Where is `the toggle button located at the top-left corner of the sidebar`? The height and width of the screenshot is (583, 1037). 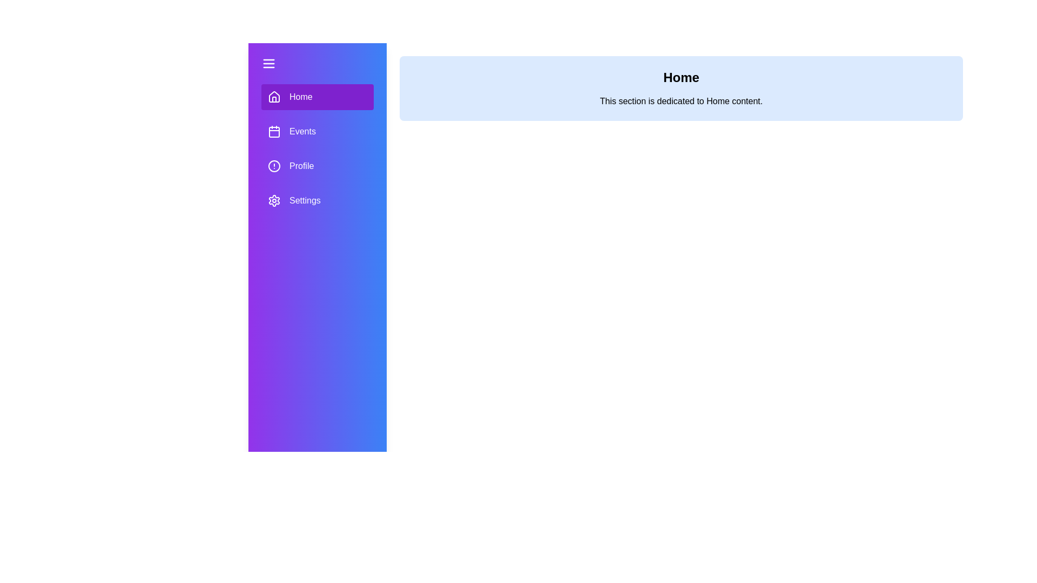 the toggle button located at the top-left corner of the sidebar is located at coordinates (269, 64).